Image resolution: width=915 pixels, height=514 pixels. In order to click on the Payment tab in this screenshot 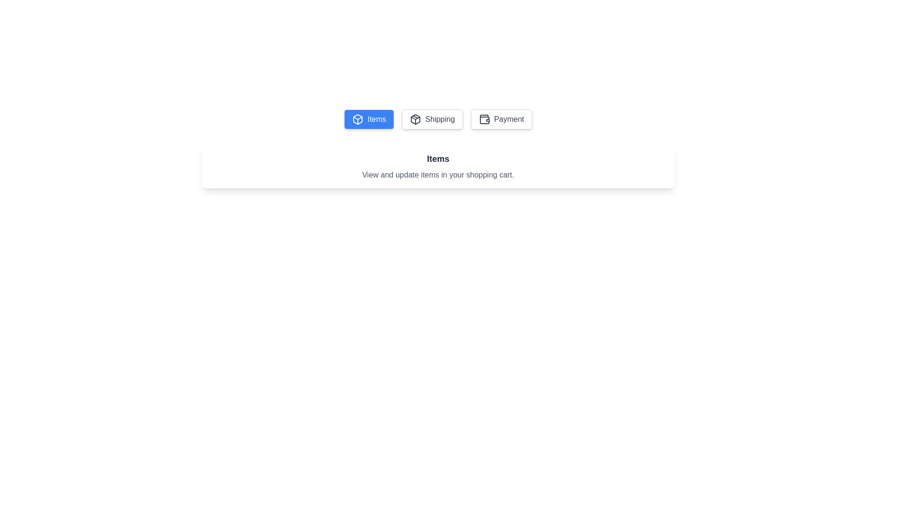, I will do `click(501, 119)`.